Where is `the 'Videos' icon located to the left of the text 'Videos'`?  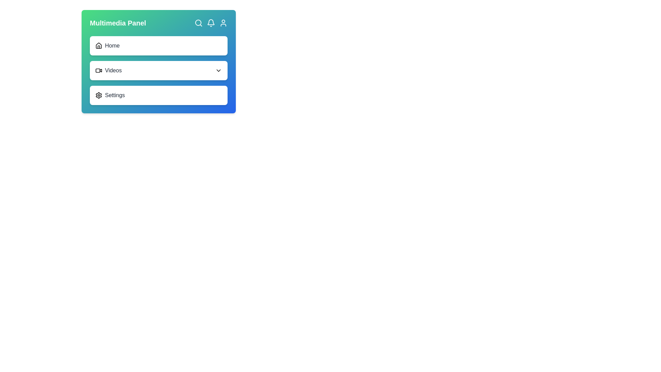 the 'Videos' icon located to the left of the text 'Videos' is located at coordinates (98, 70).